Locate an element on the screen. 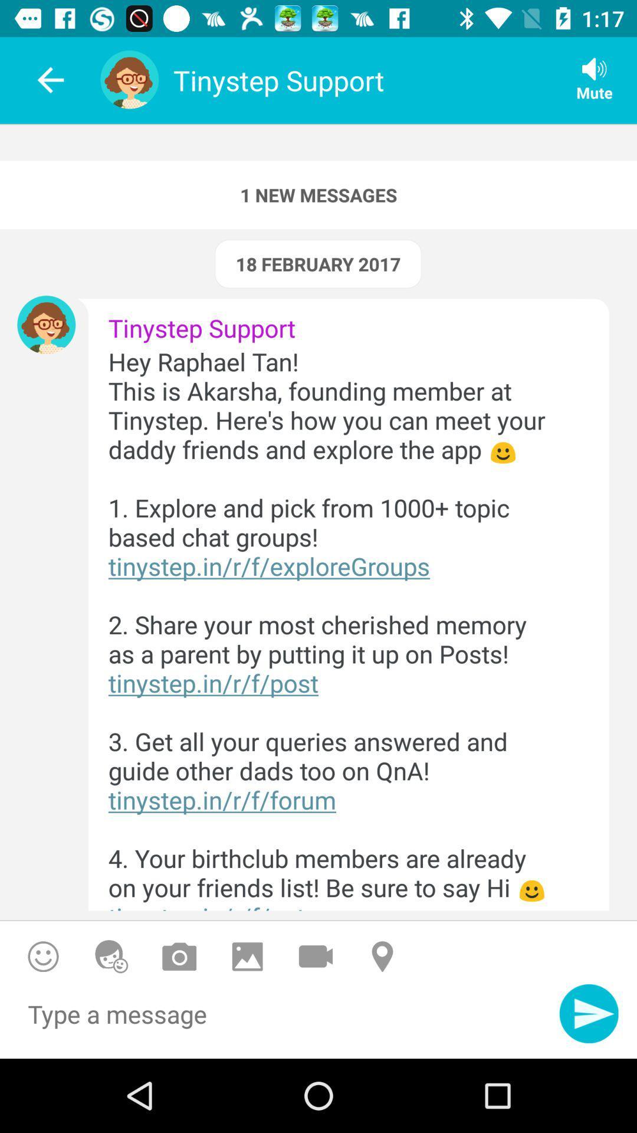 The width and height of the screenshot is (637, 1133). message is located at coordinates (280, 1020).